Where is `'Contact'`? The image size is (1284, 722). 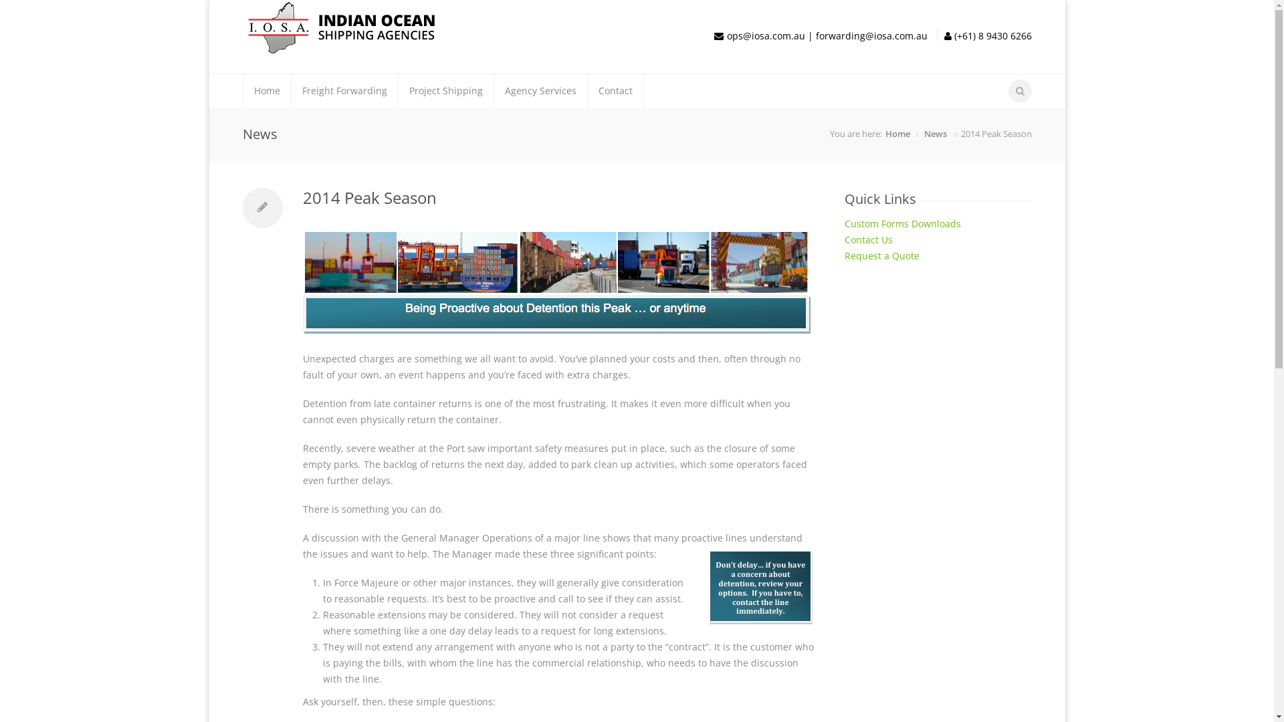 'Contact' is located at coordinates (614, 90).